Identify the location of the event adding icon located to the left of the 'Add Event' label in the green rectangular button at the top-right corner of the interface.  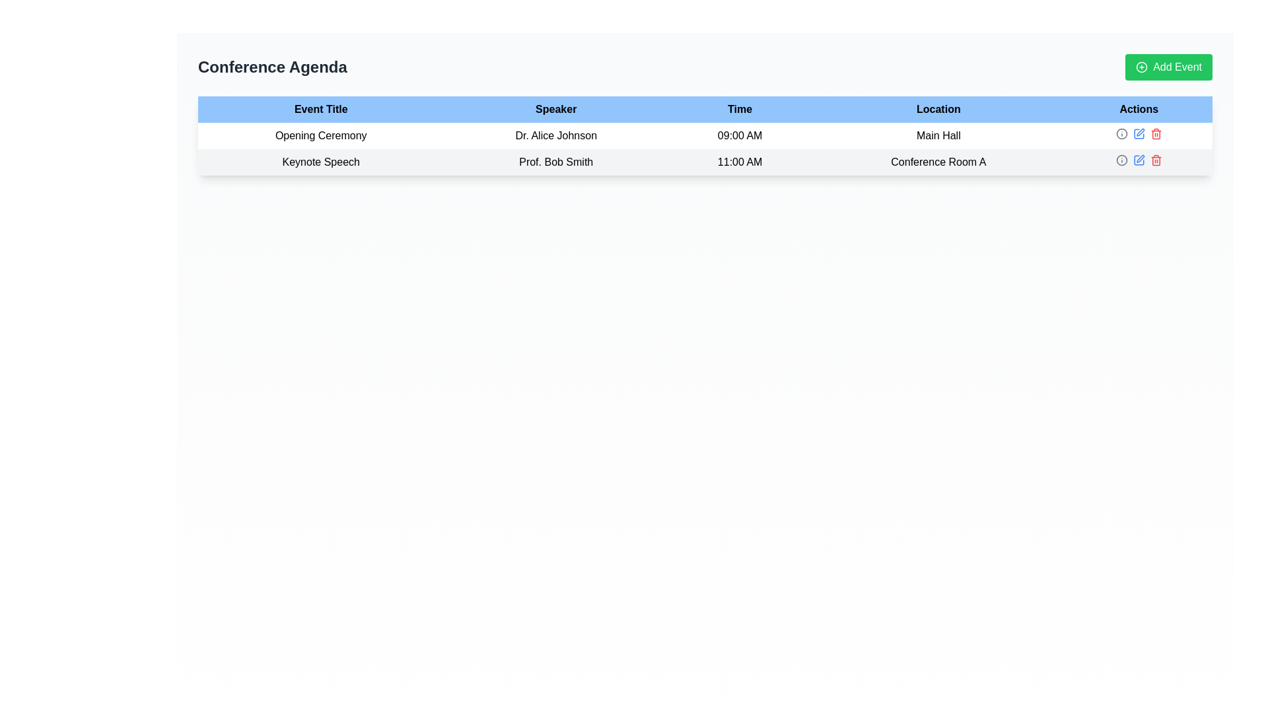
(1141, 67).